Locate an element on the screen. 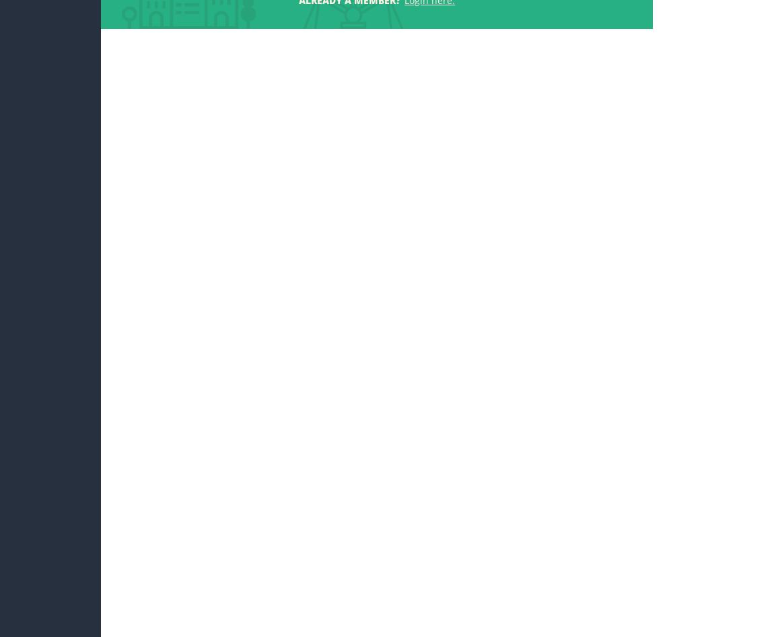 This screenshot has height=637, width=774. 'UNOPS' is located at coordinates (524, 619).